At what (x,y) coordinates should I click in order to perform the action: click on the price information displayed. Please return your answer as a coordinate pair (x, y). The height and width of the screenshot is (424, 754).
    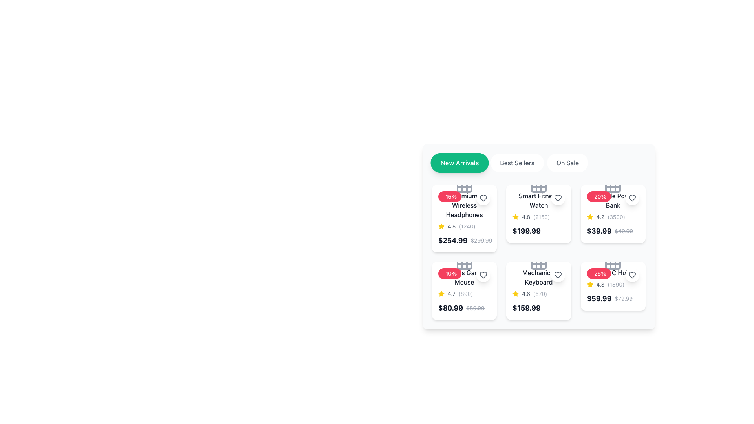
    Looking at the image, I should click on (527, 231).